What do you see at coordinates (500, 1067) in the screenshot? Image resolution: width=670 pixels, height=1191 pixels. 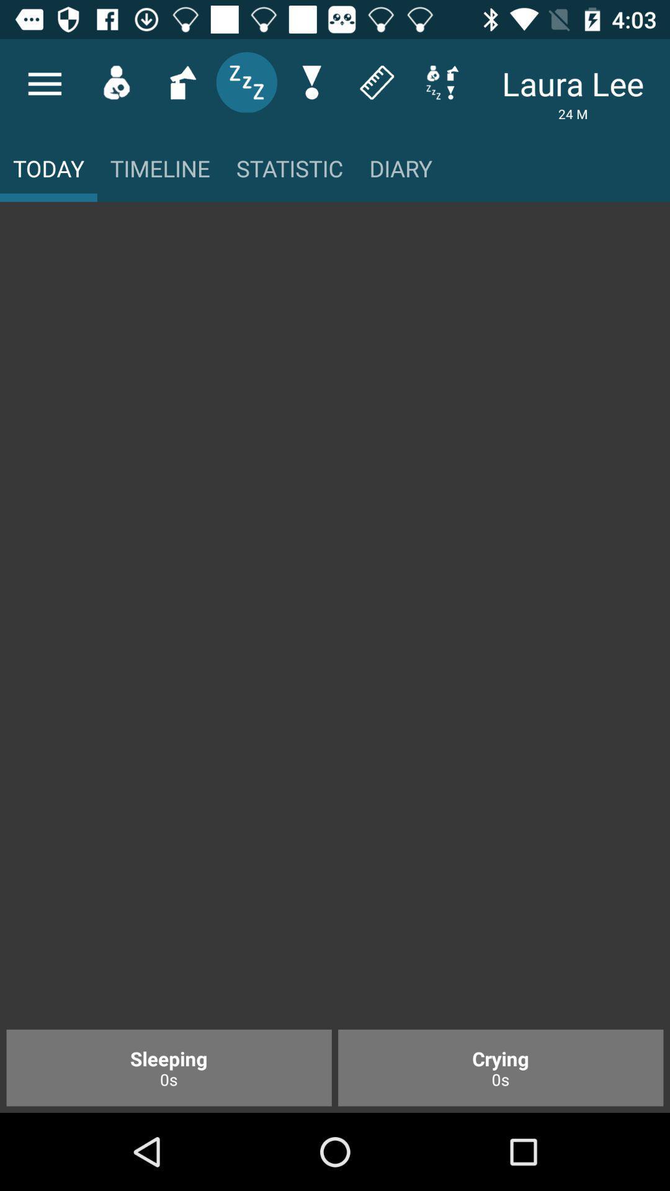 I see `the item next to the sleeping` at bounding box center [500, 1067].